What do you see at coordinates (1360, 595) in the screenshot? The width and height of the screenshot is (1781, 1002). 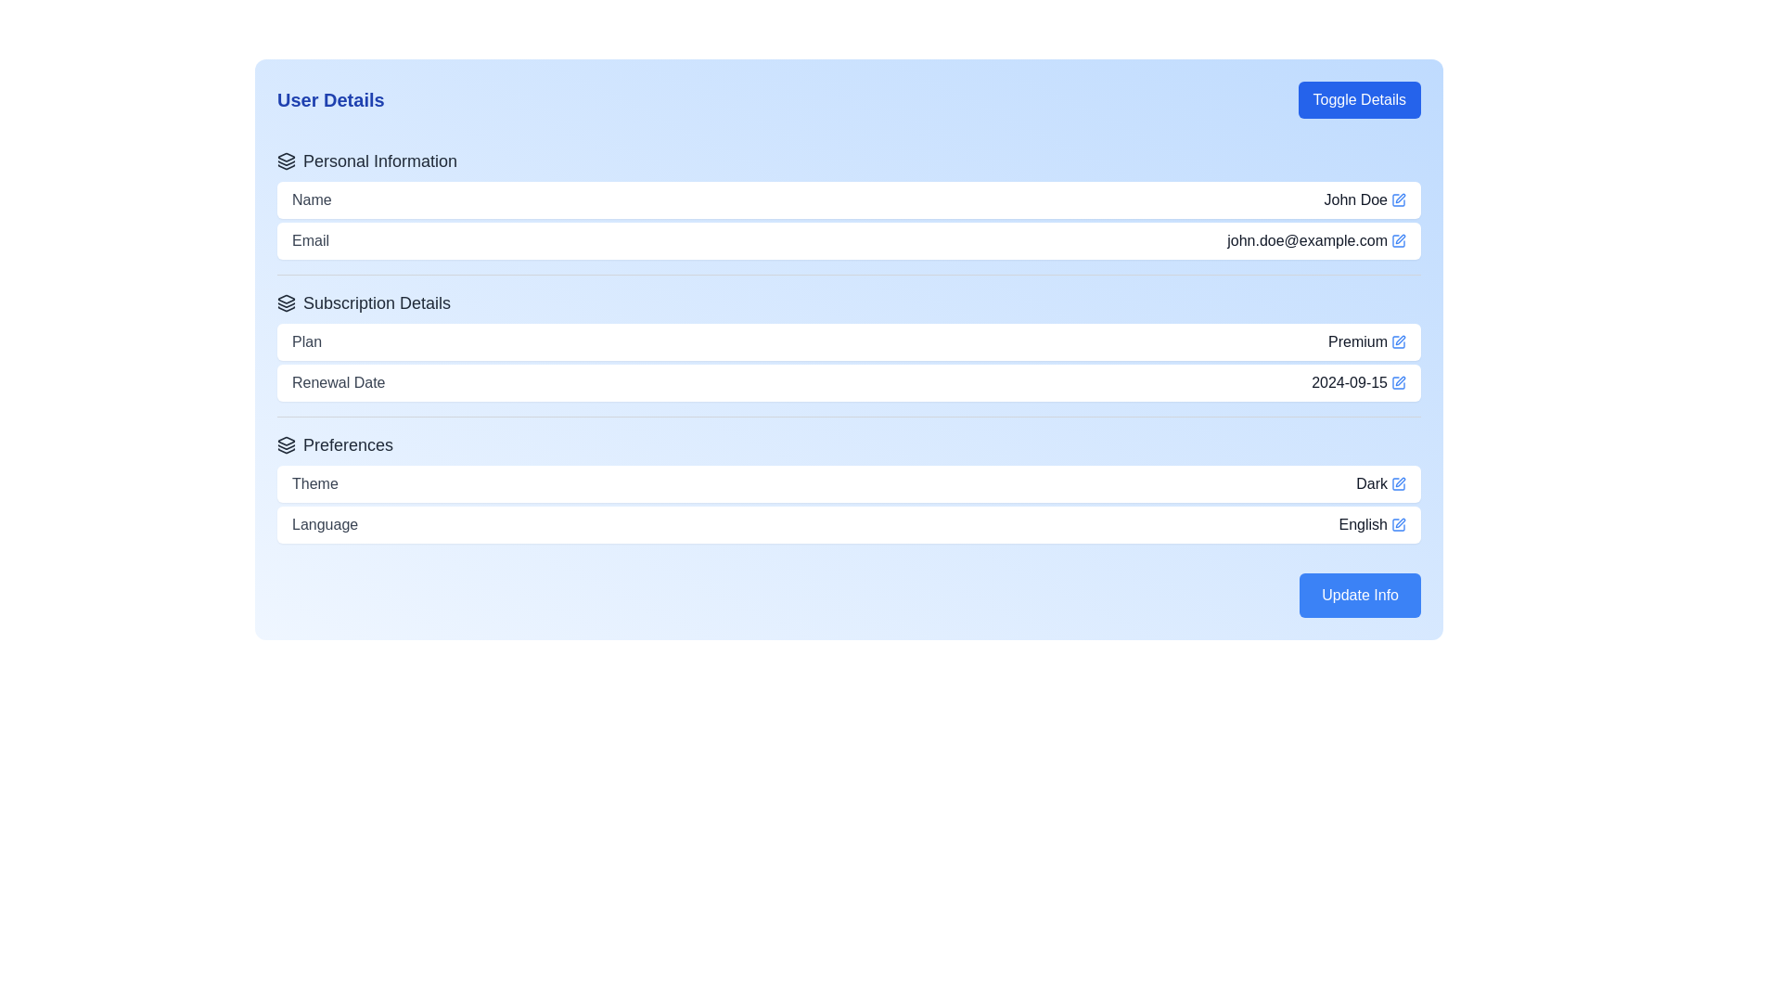 I see `the 'Update Info' button` at bounding box center [1360, 595].